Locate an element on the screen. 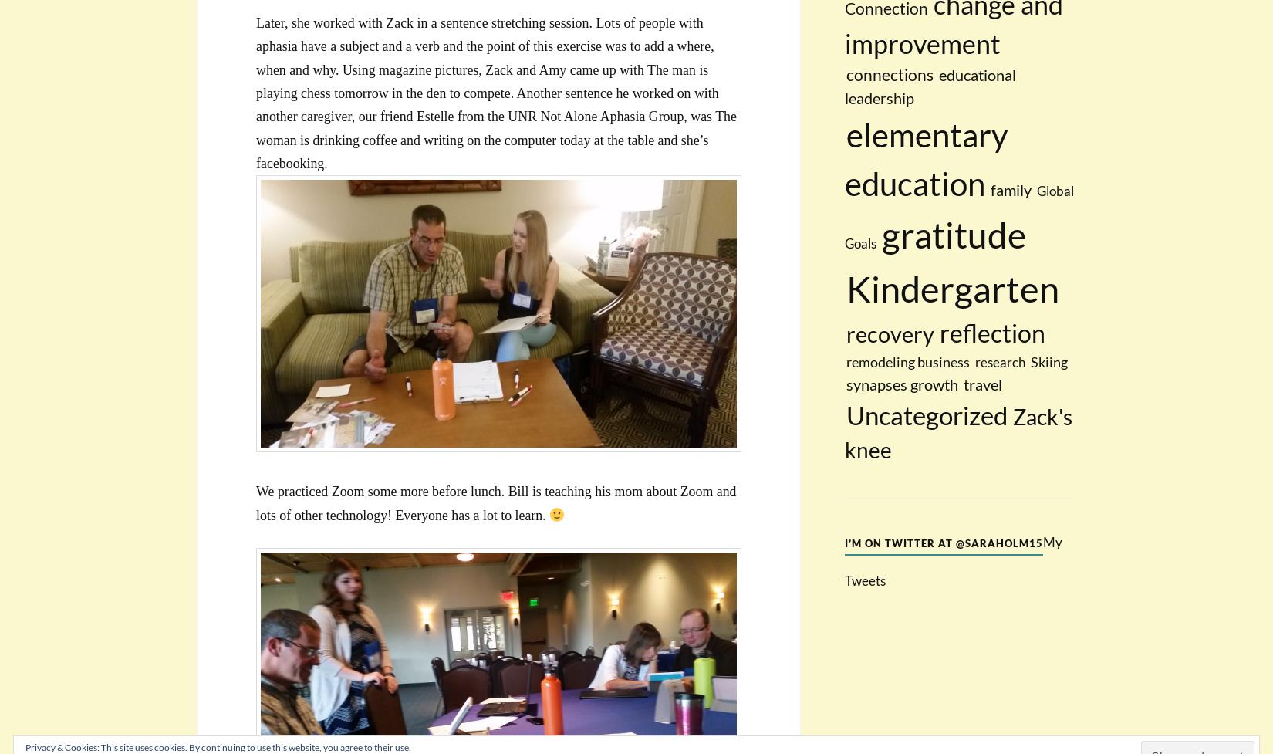  'Later, she worked with Zack in a sentence stretching session. Lots of people with aphasia have a subject and a verb and the point of this exercise was to add a where, when and why. Using magazine pictures, Zack and Amy came up with The man is playing chess tomorrow in the den to compete. Another sentence he worked on with another caregiver, our friend Estelle from the UNR Not Alone Aphasia Group, was The woman is drinking coffee and writing on the computer today at the table and she’s facebooking.' is located at coordinates (495, 92).